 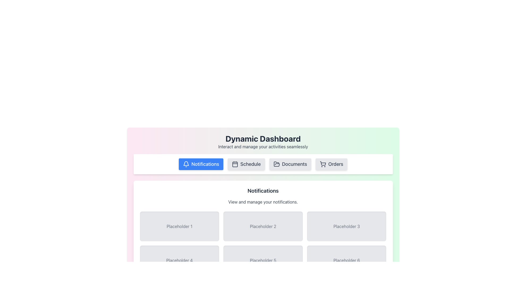 I want to click on the third button from the left, which navigates to the 'Documents' section, to observe a style change, so click(x=290, y=164).